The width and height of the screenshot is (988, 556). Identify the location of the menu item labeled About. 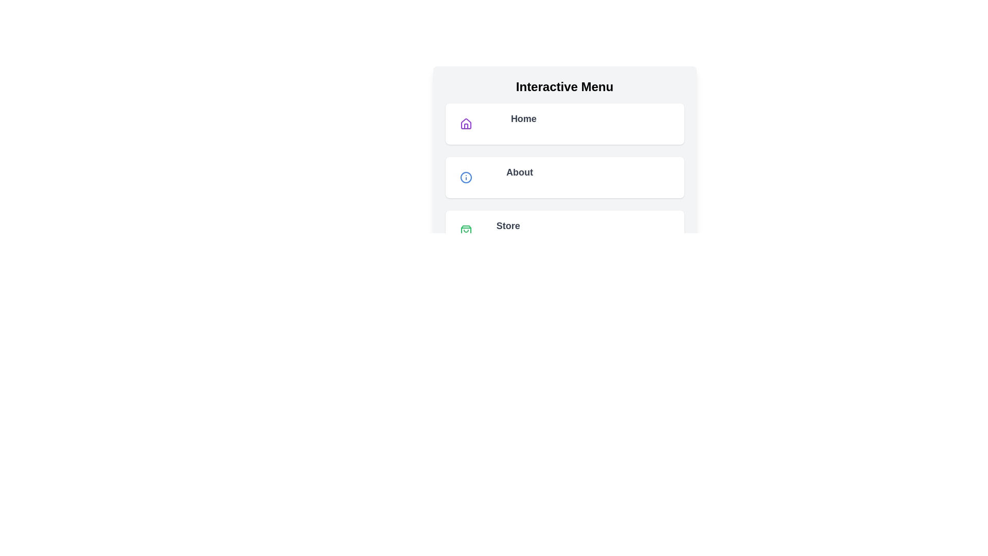
(564, 177).